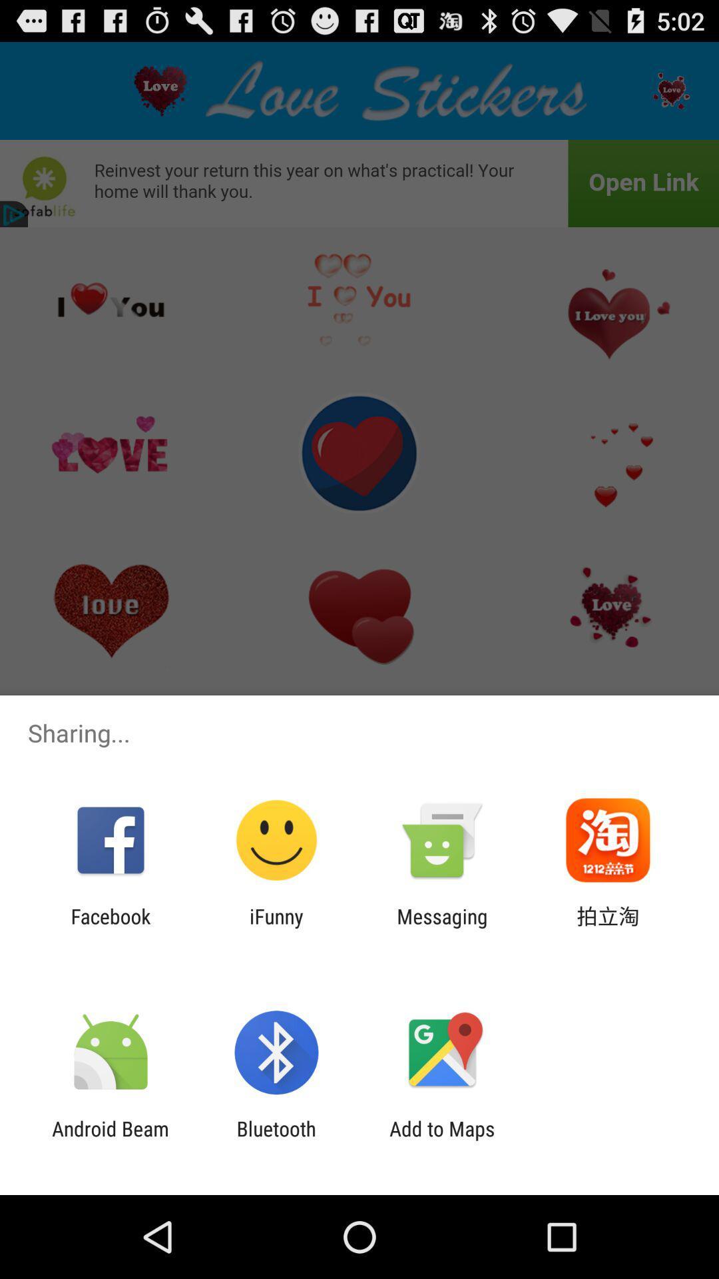 This screenshot has width=719, height=1279. I want to click on item next to the ifunny item, so click(110, 927).